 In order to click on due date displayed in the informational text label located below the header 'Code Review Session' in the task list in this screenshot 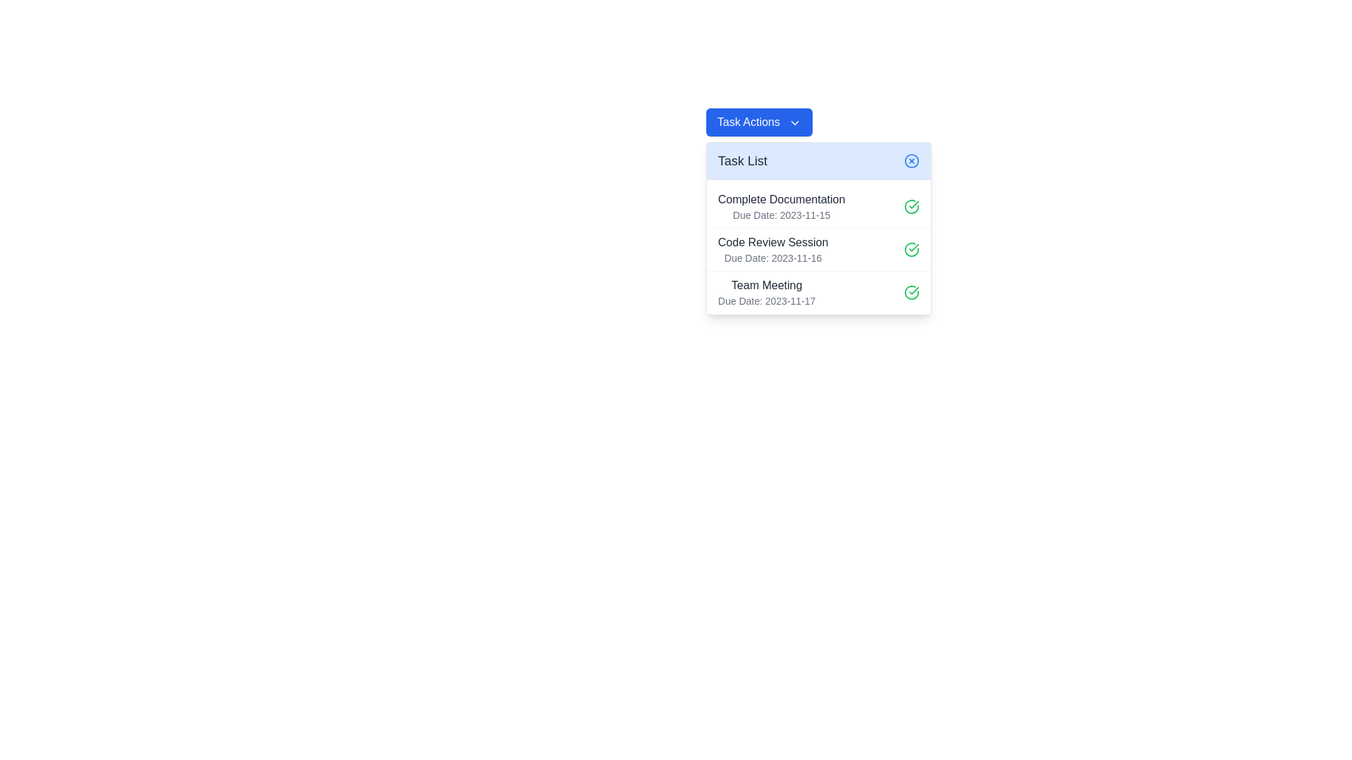, I will do `click(772, 258)`.